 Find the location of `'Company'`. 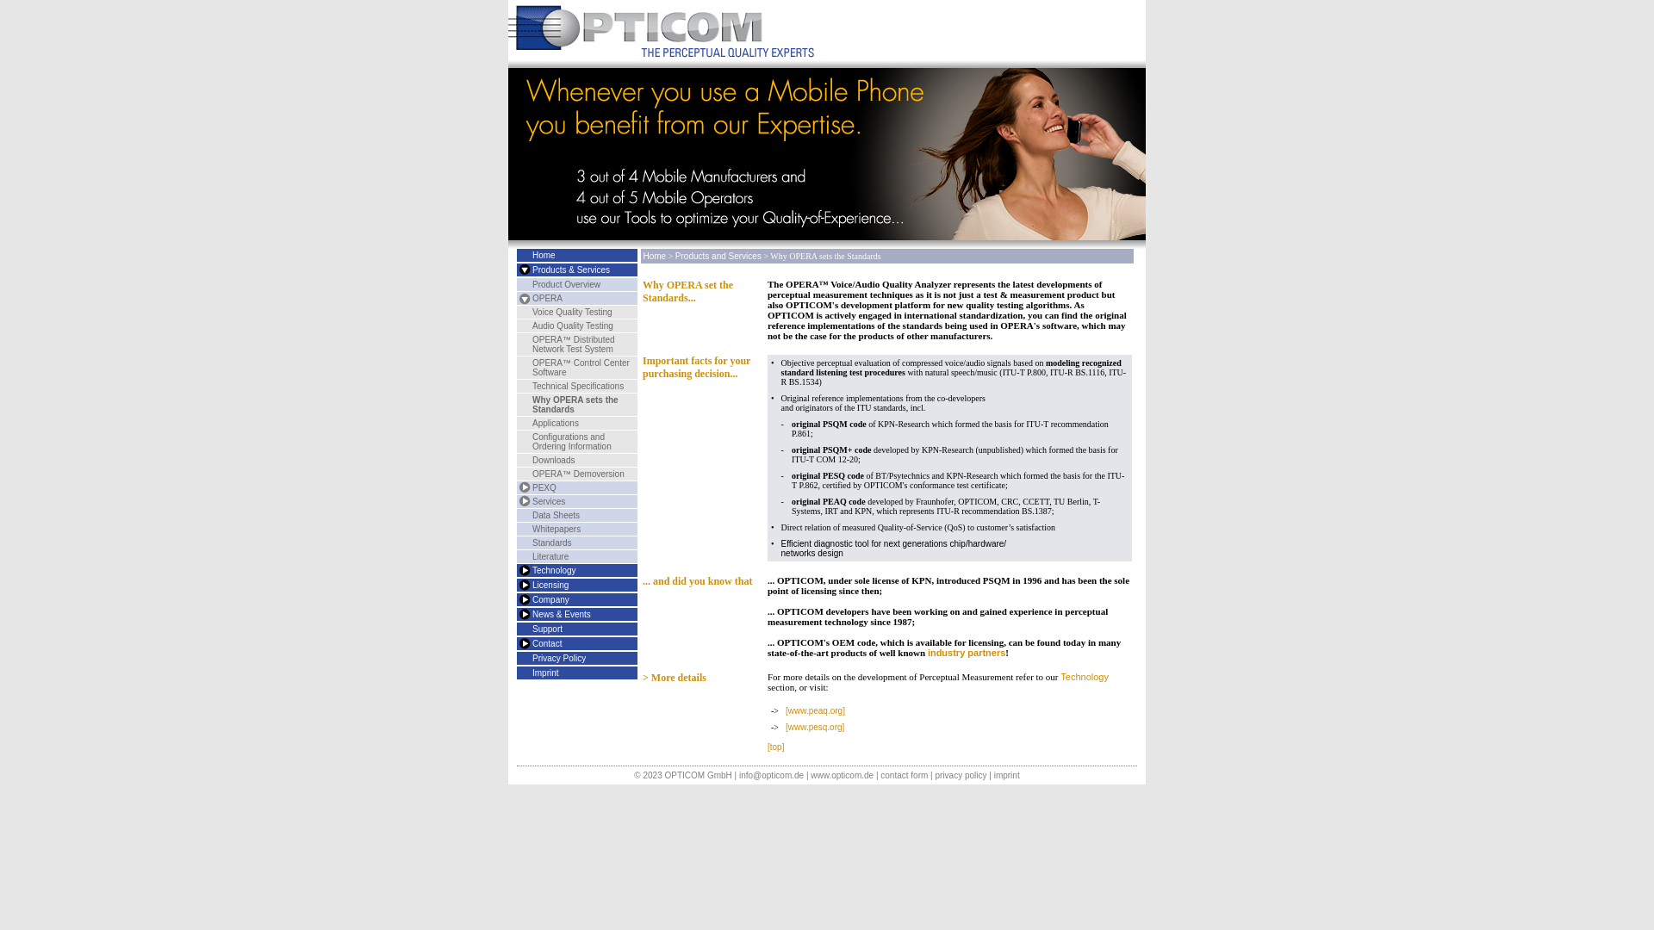

'Company' is located at coordinates (521, 598).